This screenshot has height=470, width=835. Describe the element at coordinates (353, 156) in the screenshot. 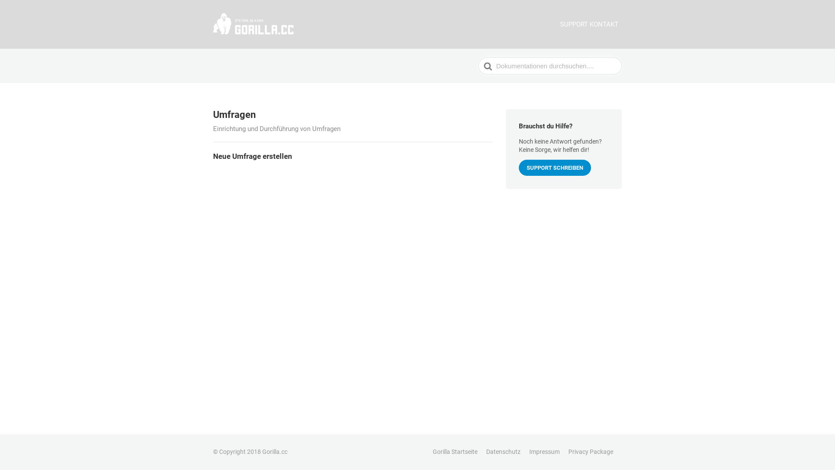

I see `'Neue Umfrage erstellen'` at that location.